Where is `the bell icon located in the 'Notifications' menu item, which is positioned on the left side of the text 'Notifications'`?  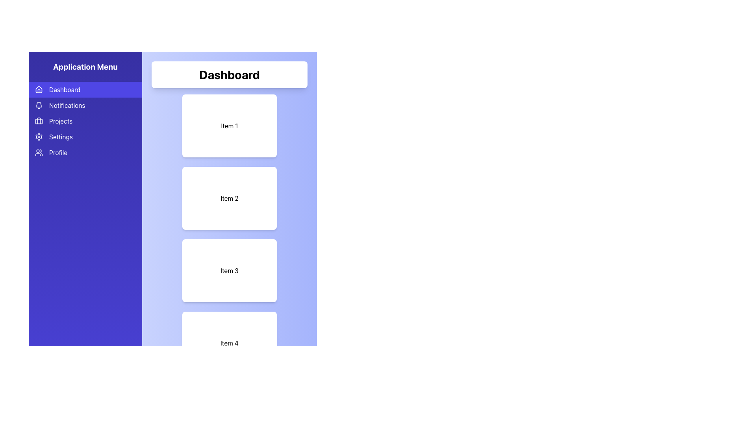 the bell icon located in the 'Notifications' menu item, which is positioned on the left side of the text 'Notifications' is located at coordinates (39, 105).